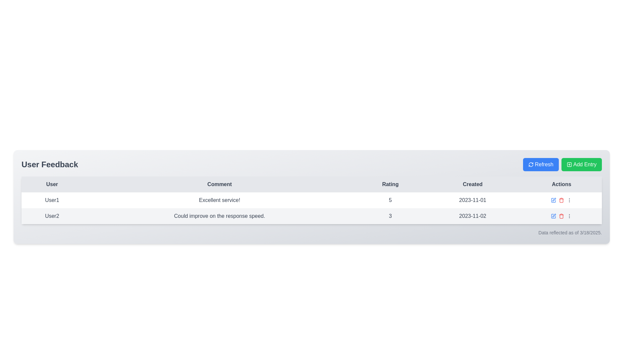 This screenshot has height=357, width=636. Describe the element at coordinates (531, 164) in the screenshot. I see `the refresh icon within the blue button labeled 'Refresh', located near the top-right corner of the interface` at that location.